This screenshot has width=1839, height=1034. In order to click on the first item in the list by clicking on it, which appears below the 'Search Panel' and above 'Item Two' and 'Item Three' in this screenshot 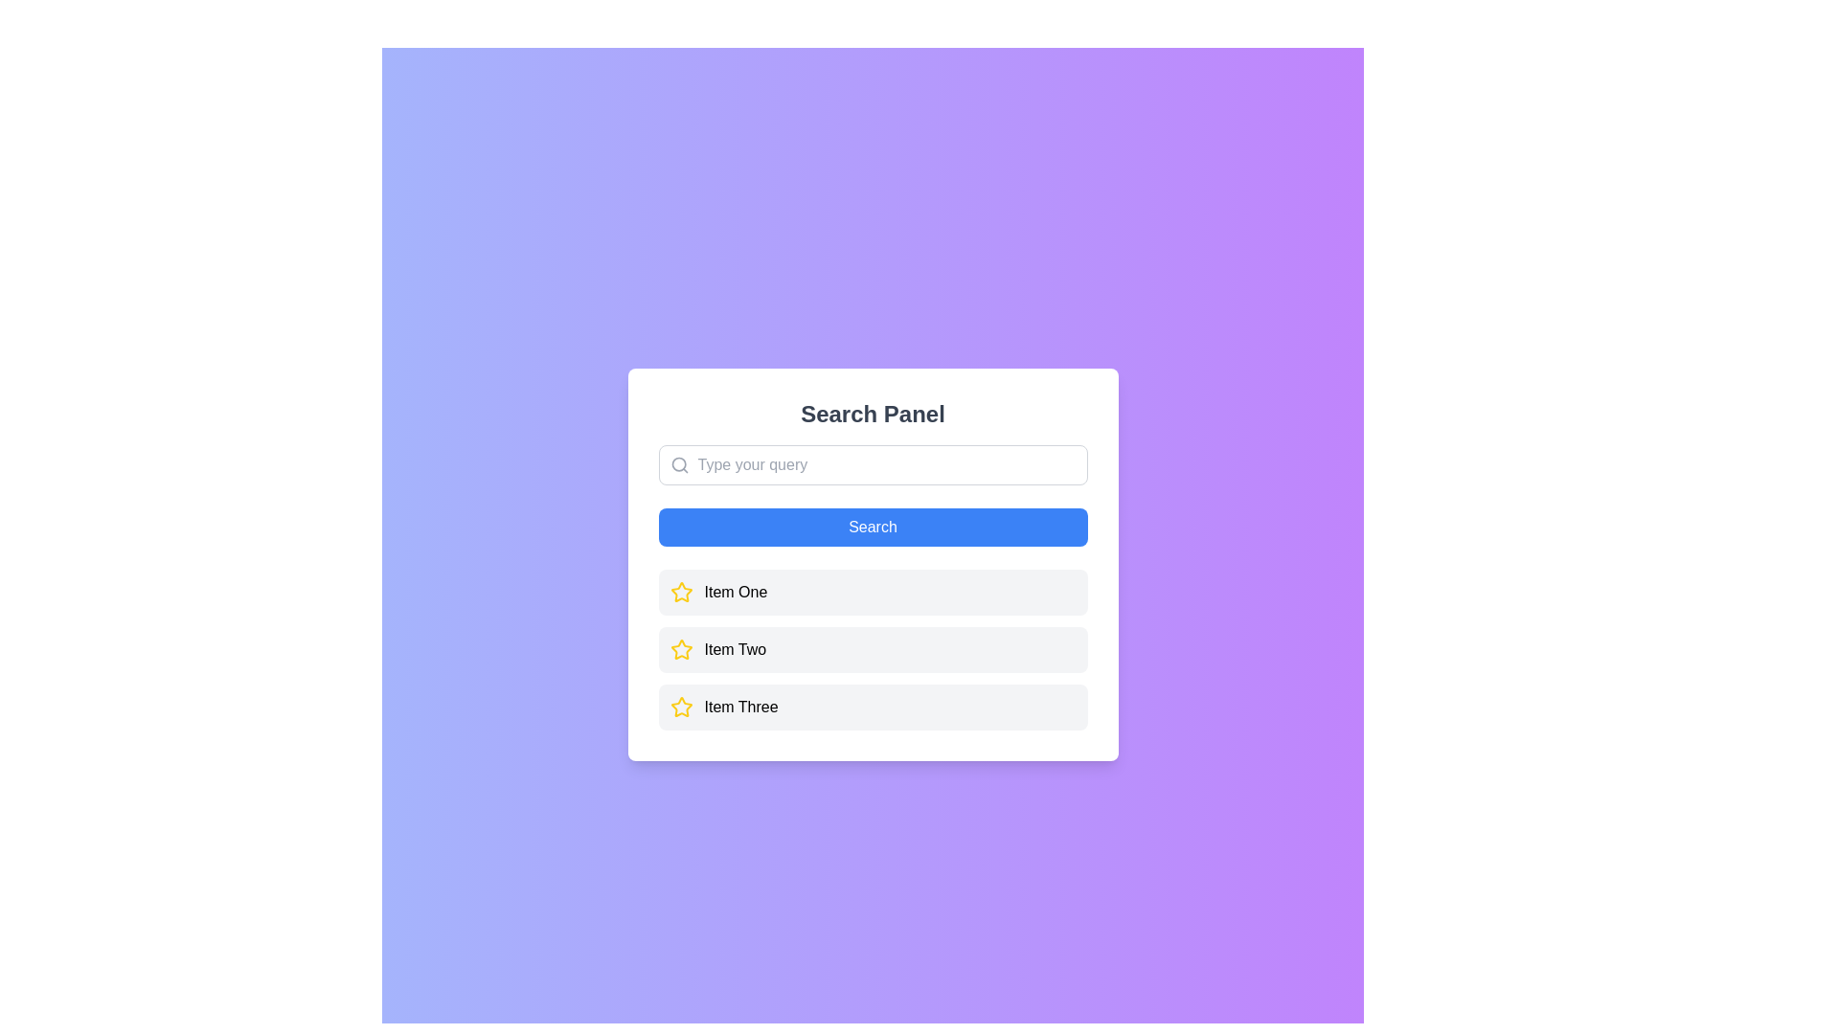, I will do `click(872, 591)`.